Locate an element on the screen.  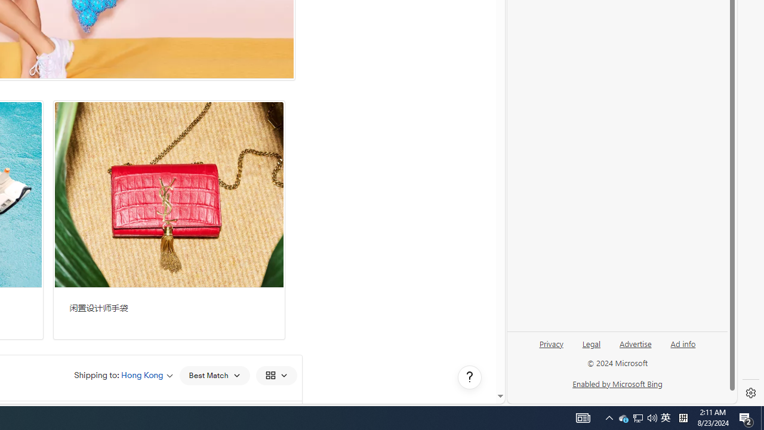
'Sort: Best Match' is located at coordinates (214, 374).